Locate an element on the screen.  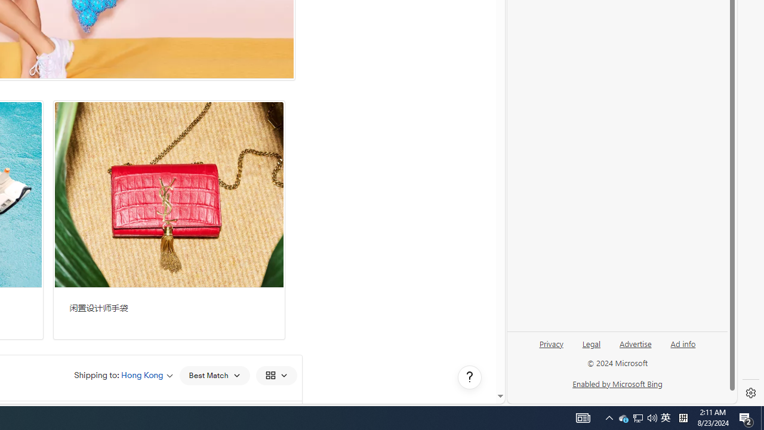
'Sort: Best Match' is located at coordinates (214, 374).